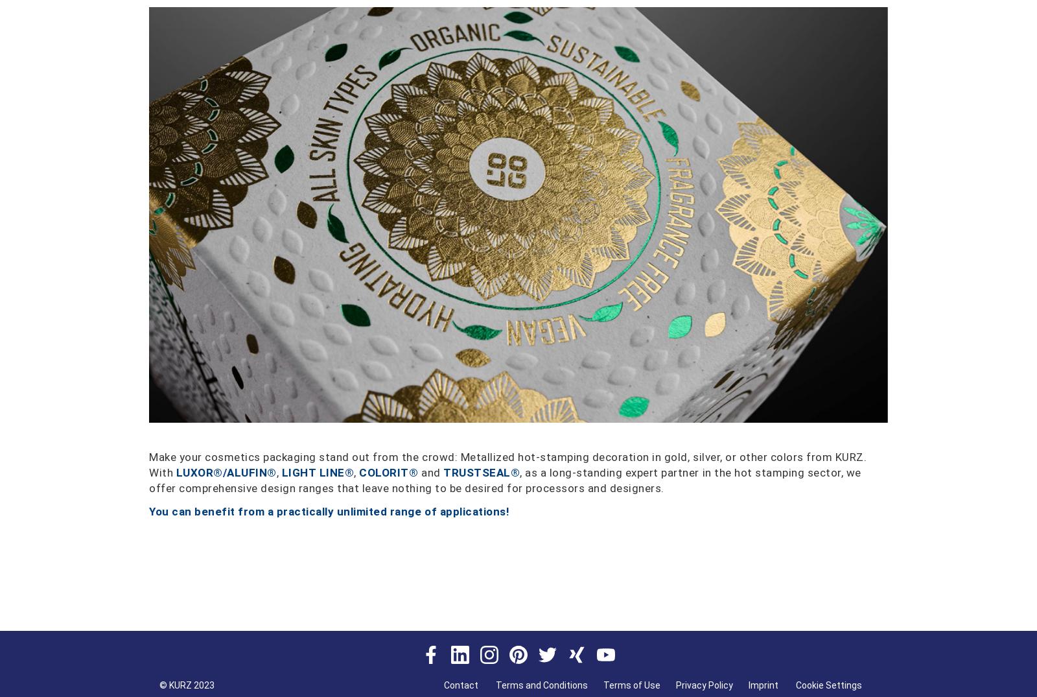 Image resolution: width=1037 pixels, height=697 pixels. Describe the element at coordinates (148, 510) in the screenshot. I see `'You can benefit from a practically unlimited range of applications!'` at that location.